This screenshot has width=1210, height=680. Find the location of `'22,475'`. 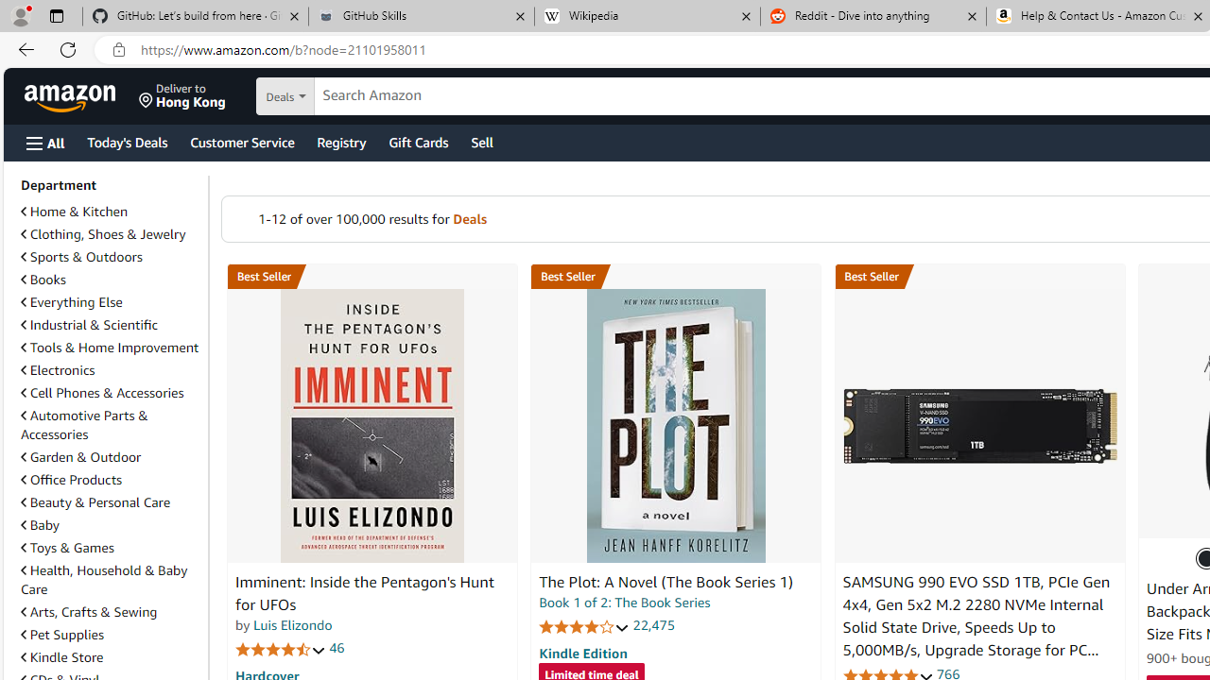

'22,475' is located at coordinates (653, 625).